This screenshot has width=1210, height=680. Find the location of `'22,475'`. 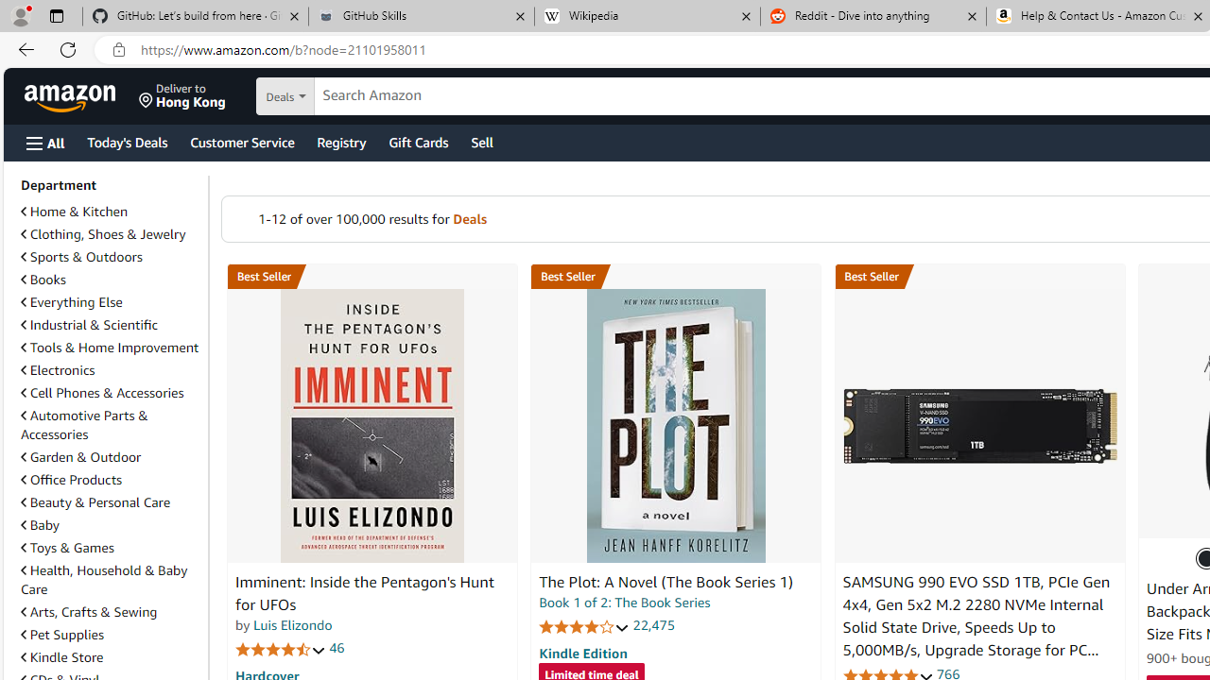

'22,475' is located at coordinates (653, 625).